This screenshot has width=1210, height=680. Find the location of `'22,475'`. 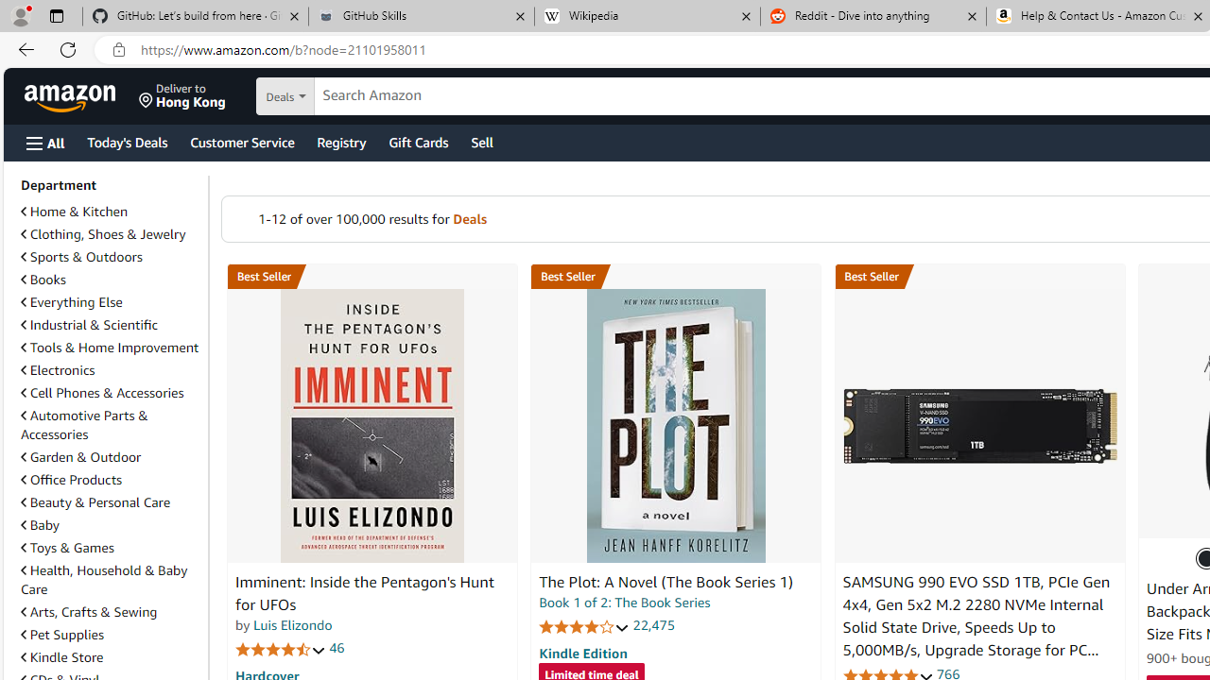

'22,475' is located at coordinates (653, 625).